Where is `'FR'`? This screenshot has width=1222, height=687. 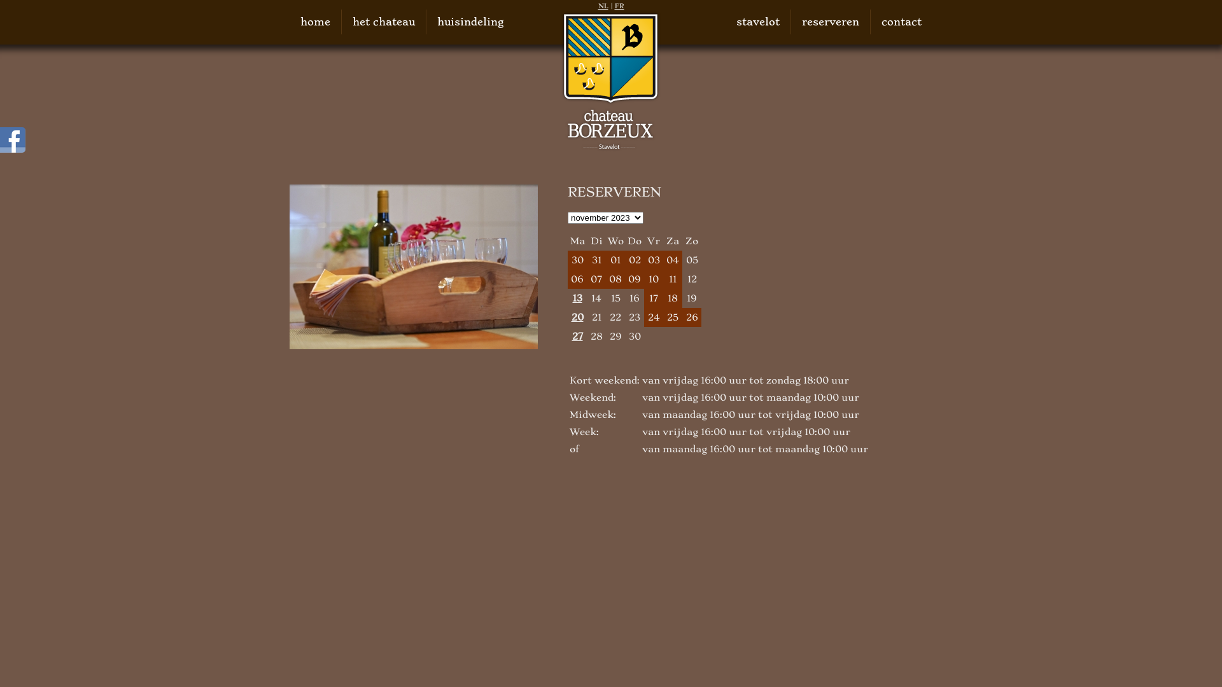 'FR' is located at coordinates (619, 6).